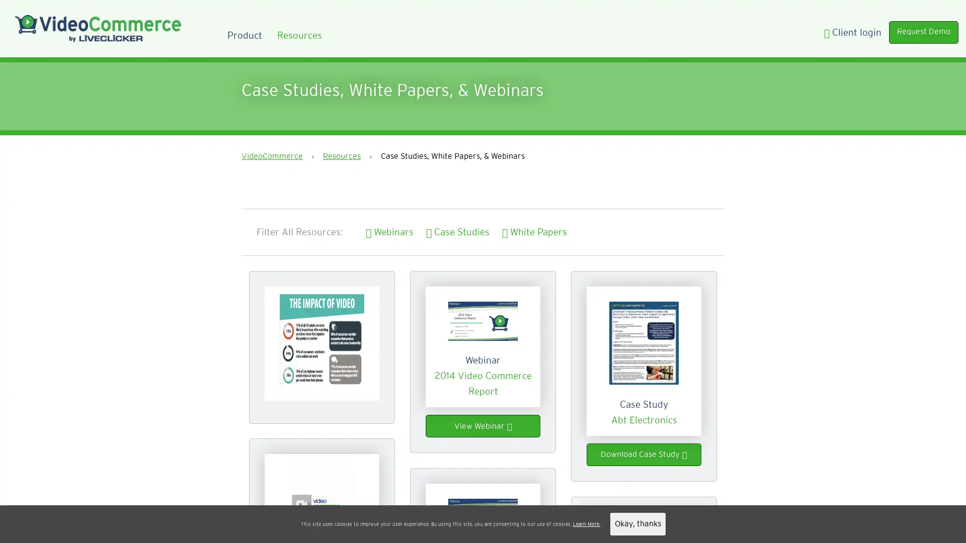  I want to click on Our clients Liveclicker, so click(509, 523).